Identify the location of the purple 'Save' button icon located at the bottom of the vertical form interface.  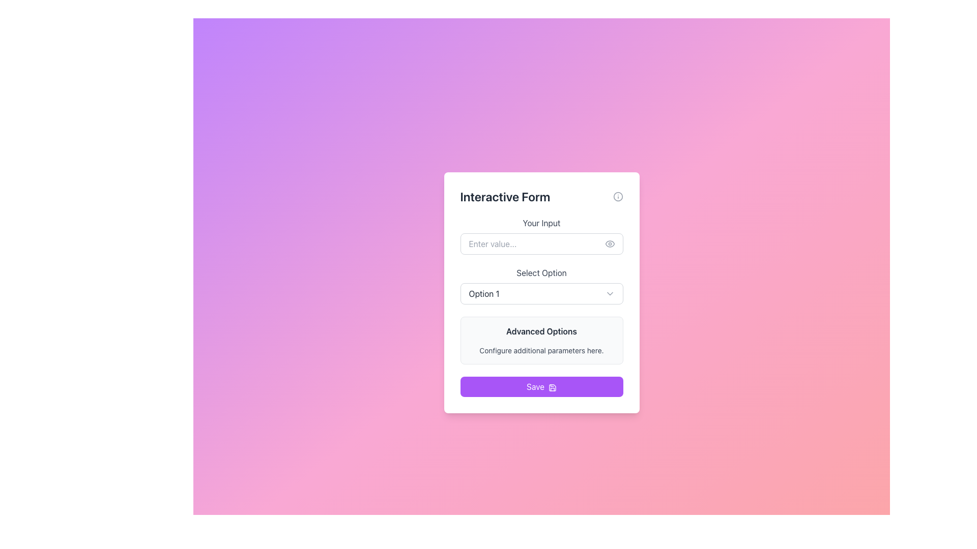
(552, 387).